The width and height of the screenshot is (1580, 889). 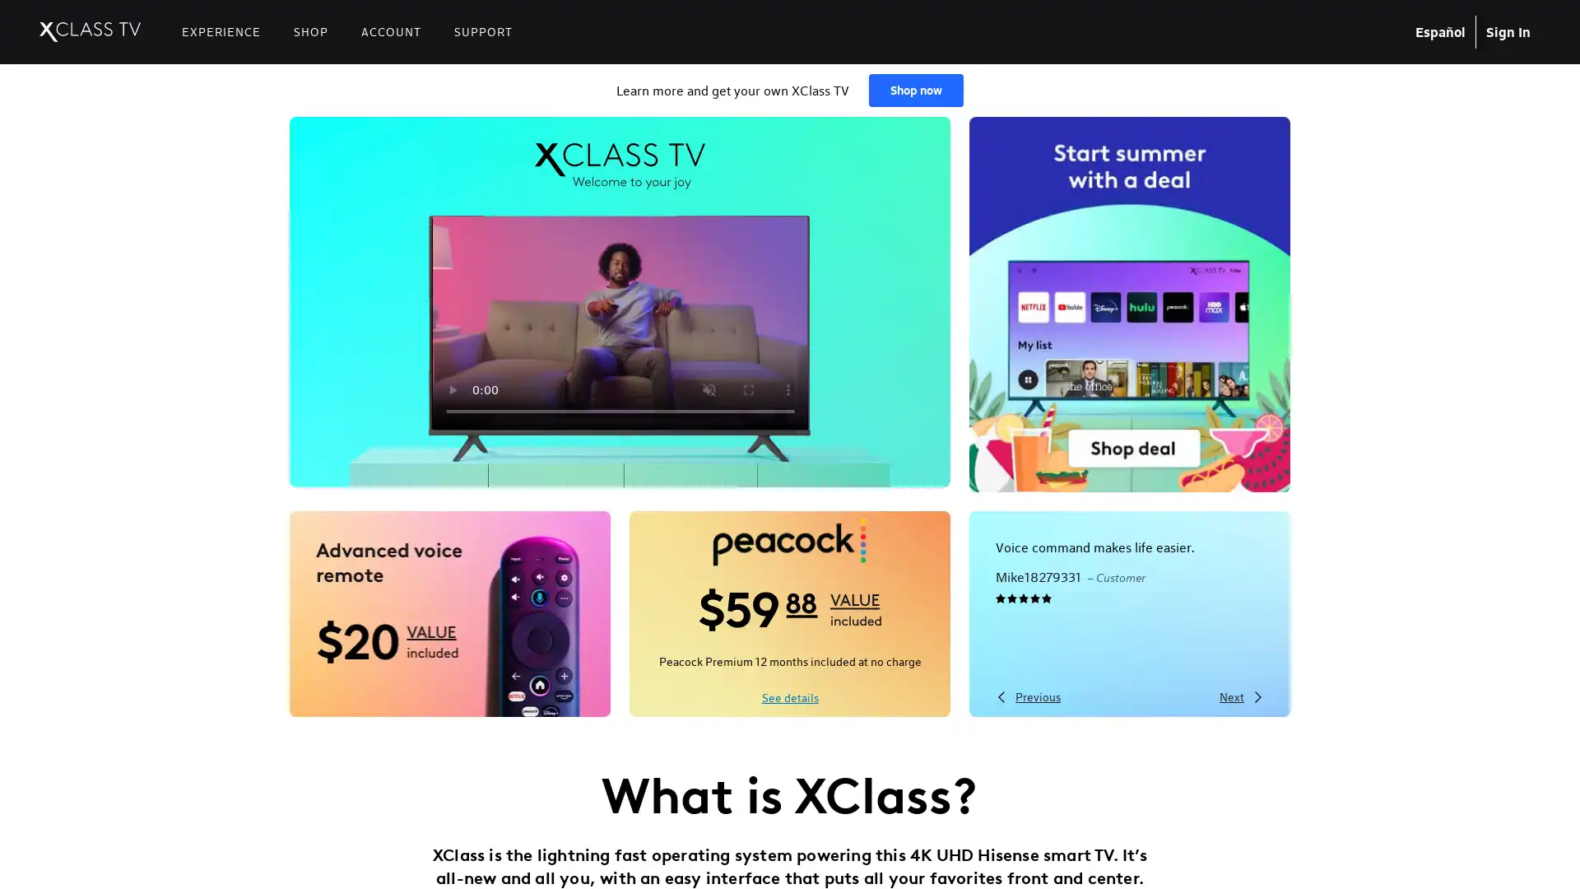 What do you see at coordinates (1241, 696) in the screenshot?
I see `Next page of reviews Next` at bounding box center [1241, 696].